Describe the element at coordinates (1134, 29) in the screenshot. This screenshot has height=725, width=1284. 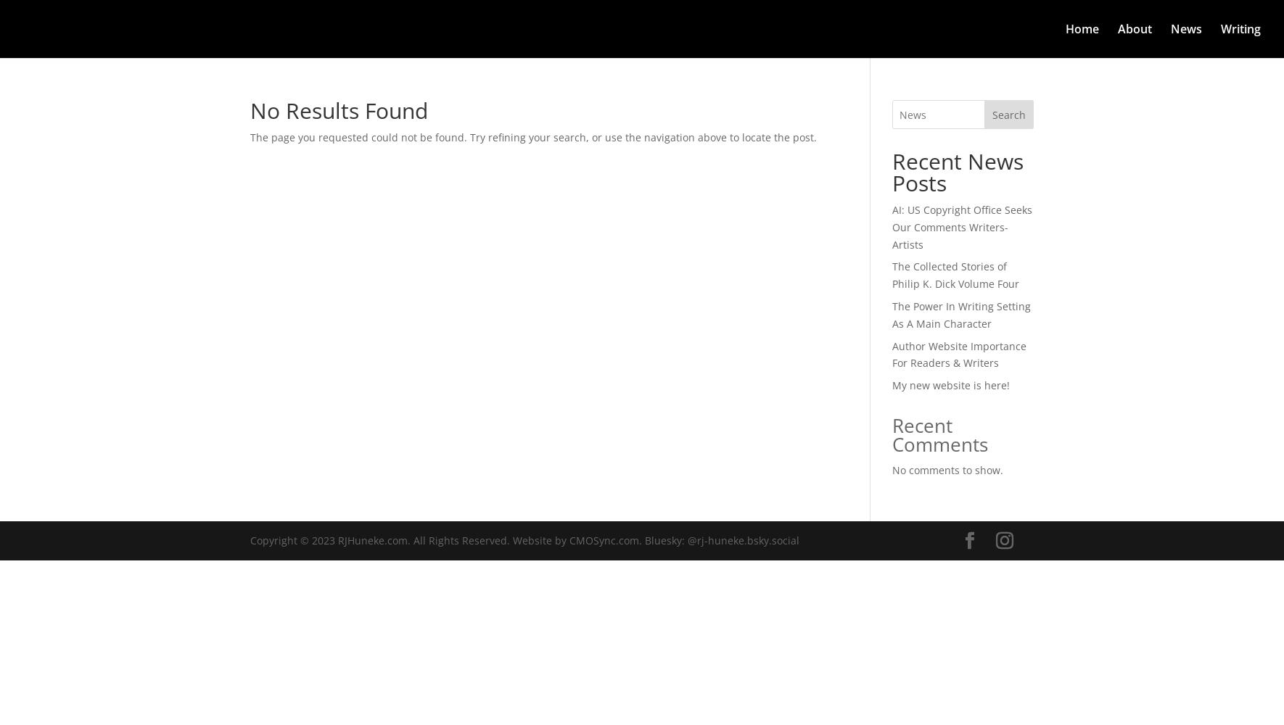
I see `'About'` at that location.